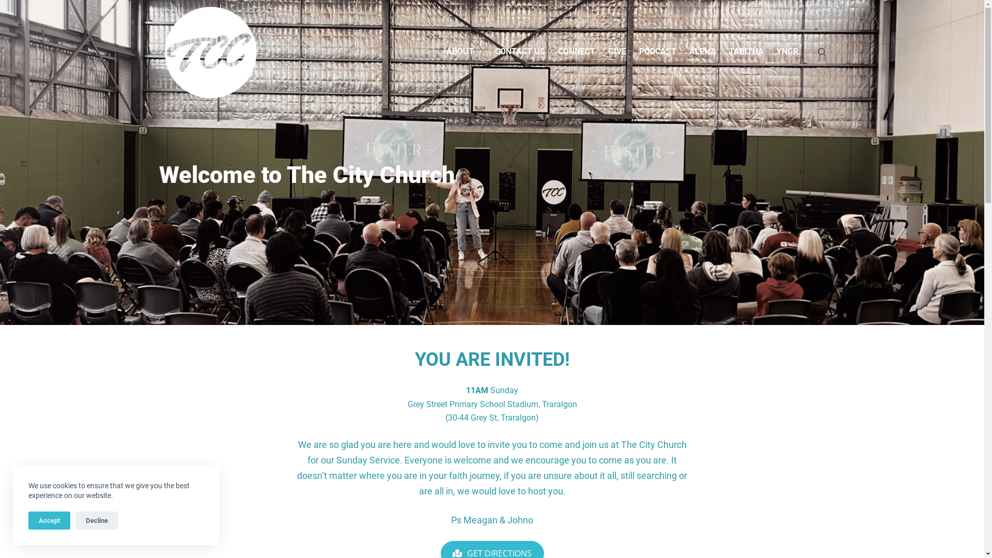 The image size is (992, 558). What do you see at coordinates (191, 458) in the screenshot?
I see `'Connect with TCC'` at bounding box center [191, 458].